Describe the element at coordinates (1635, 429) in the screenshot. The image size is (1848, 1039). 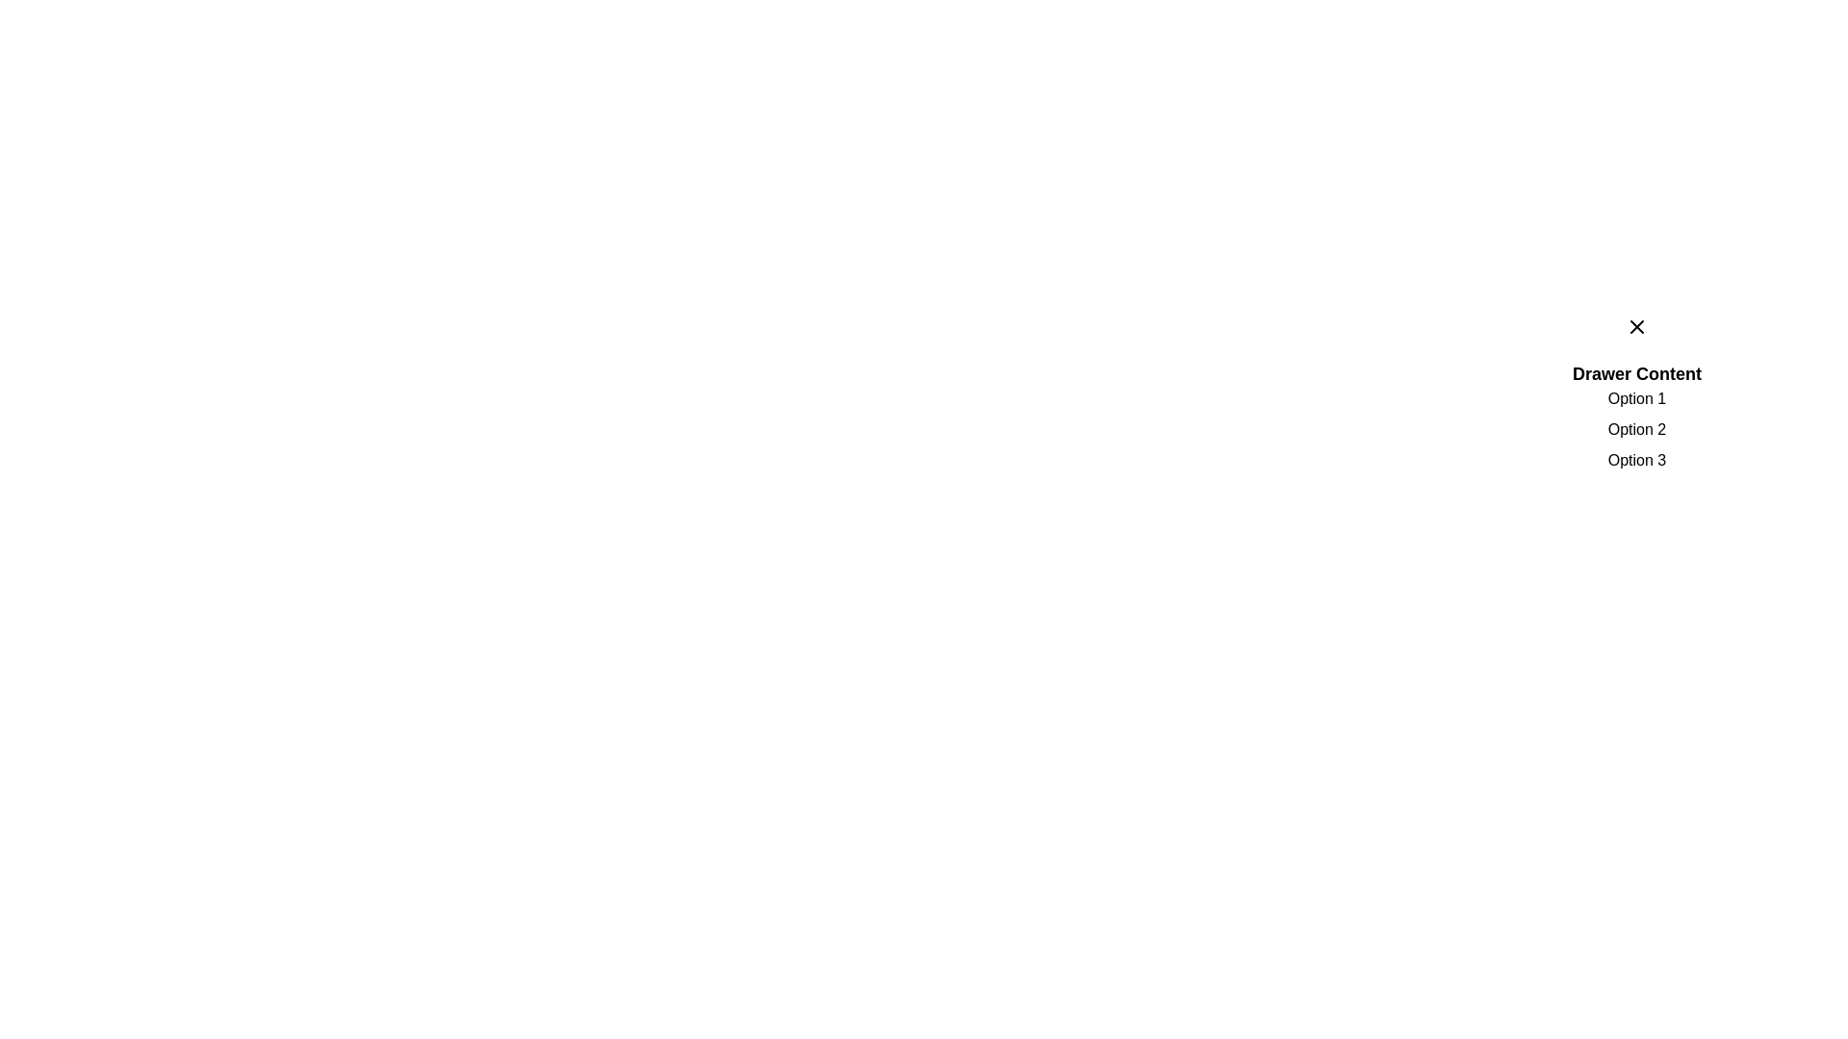
I see `the 'Option 2' button in the vertical menu` at that location.